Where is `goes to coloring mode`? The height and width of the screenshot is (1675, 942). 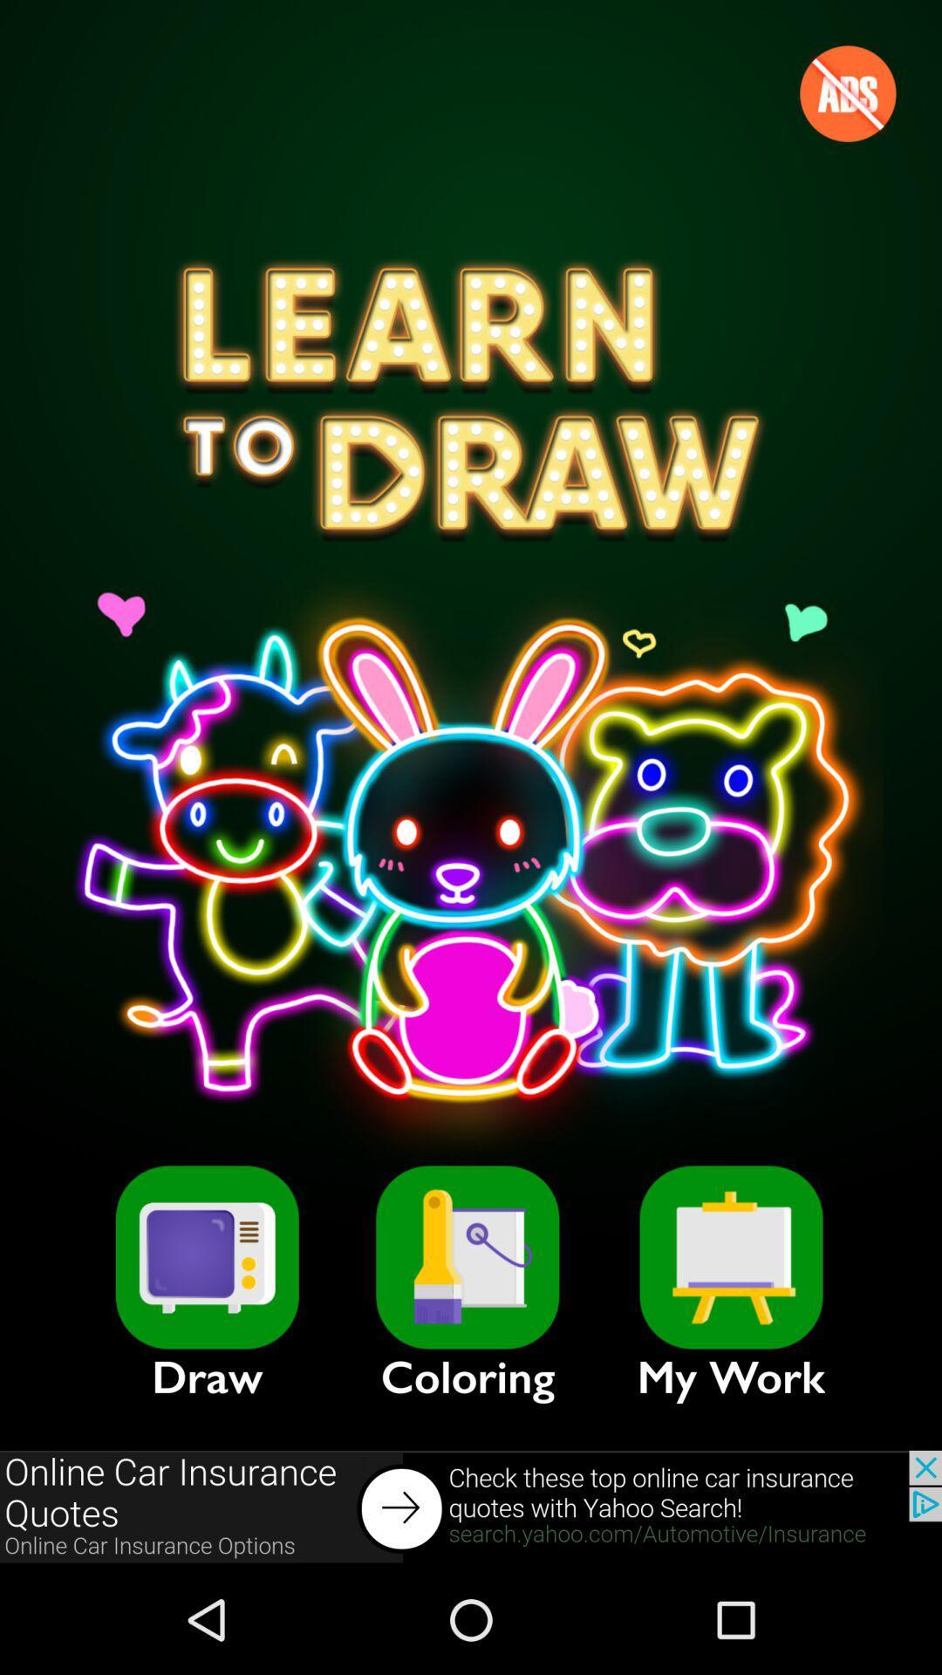 goes to coloring mode is located at coordinates (467, 1257).